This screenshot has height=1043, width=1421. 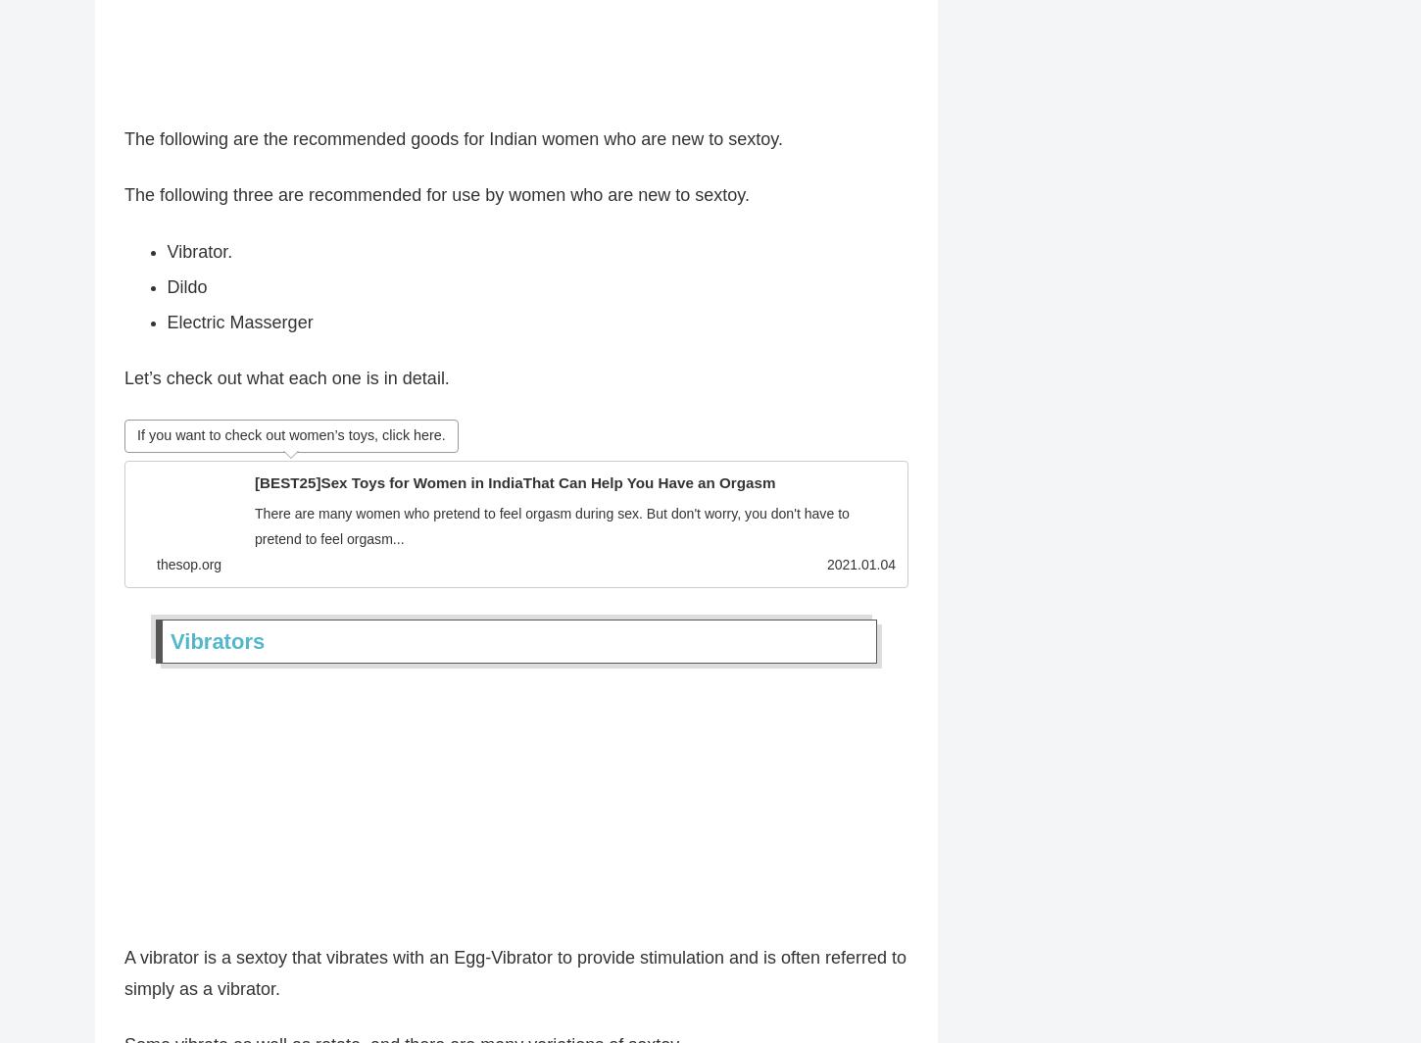 What do you see at coordinates (452, 145) in the screenshot?
I see `'The following are the recommended goods for Indian women who are new to sextoy.'` at bounding box center [452, 145].